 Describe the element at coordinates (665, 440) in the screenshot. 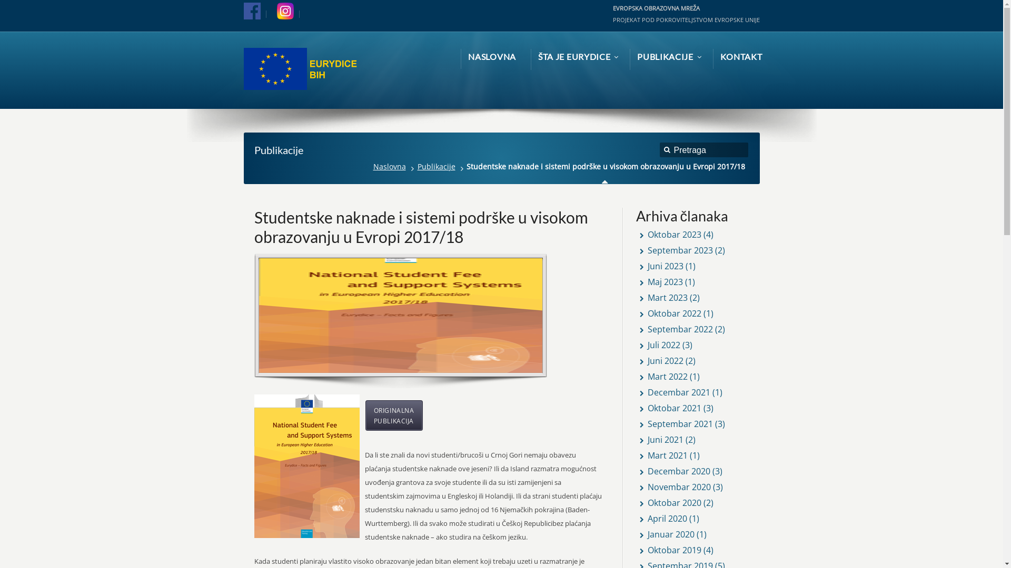

I see `'Juni 2021'` at that location.